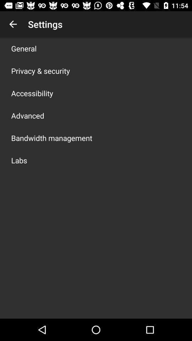  I want to click on labs icon, so click(19, 160).